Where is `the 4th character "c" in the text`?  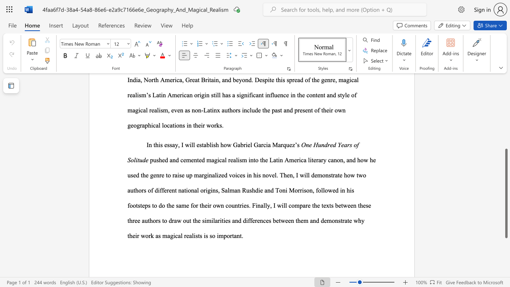 the 4th character "c" in the text is located at coordinates (154, 125).